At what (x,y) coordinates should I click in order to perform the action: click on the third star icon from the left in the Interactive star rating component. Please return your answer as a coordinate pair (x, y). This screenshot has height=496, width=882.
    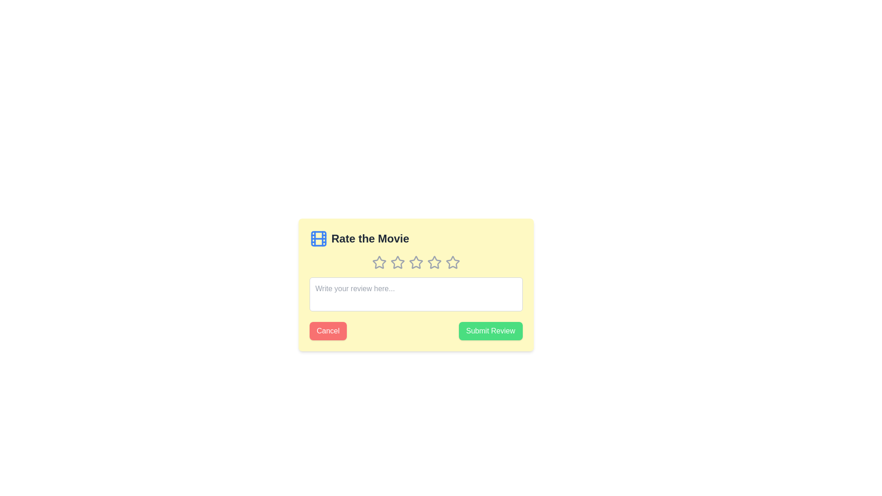
    Looking at the image, I should click on (415, 262).